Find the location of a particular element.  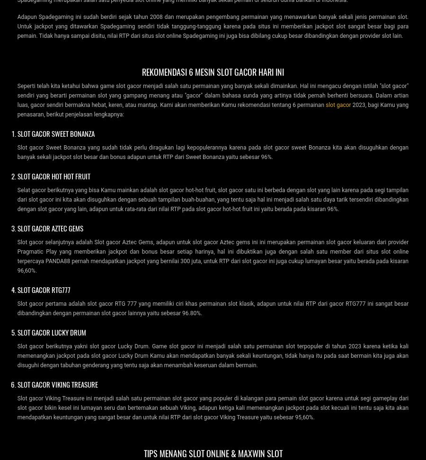

'Slot gacor pertama adalah slot gacor RTG 777 yang memiliki ciri khas permainan slot klasik, adapun untuk nilai RTP dari gacor RTG777 ini sangat besar dibandingkan dengan permainan slot gacor lainnya yaitu sebesar 96.80%.' is located at coordinates (213, 308).